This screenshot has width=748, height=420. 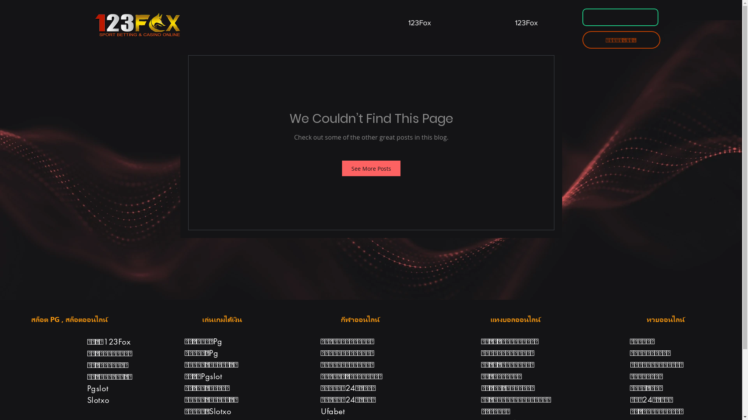 What do you see at coordinates (419, 19) in the screenshot?
I see `'123Fox'` at bounding box center [419, 19].